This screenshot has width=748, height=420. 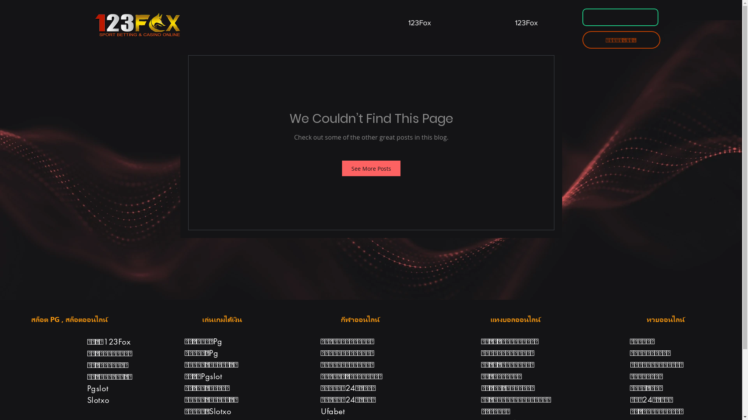 What do you see at coordinates (419, 19) in the screenshot?
I see `'123Fox'` at bounding box center [419, 19].